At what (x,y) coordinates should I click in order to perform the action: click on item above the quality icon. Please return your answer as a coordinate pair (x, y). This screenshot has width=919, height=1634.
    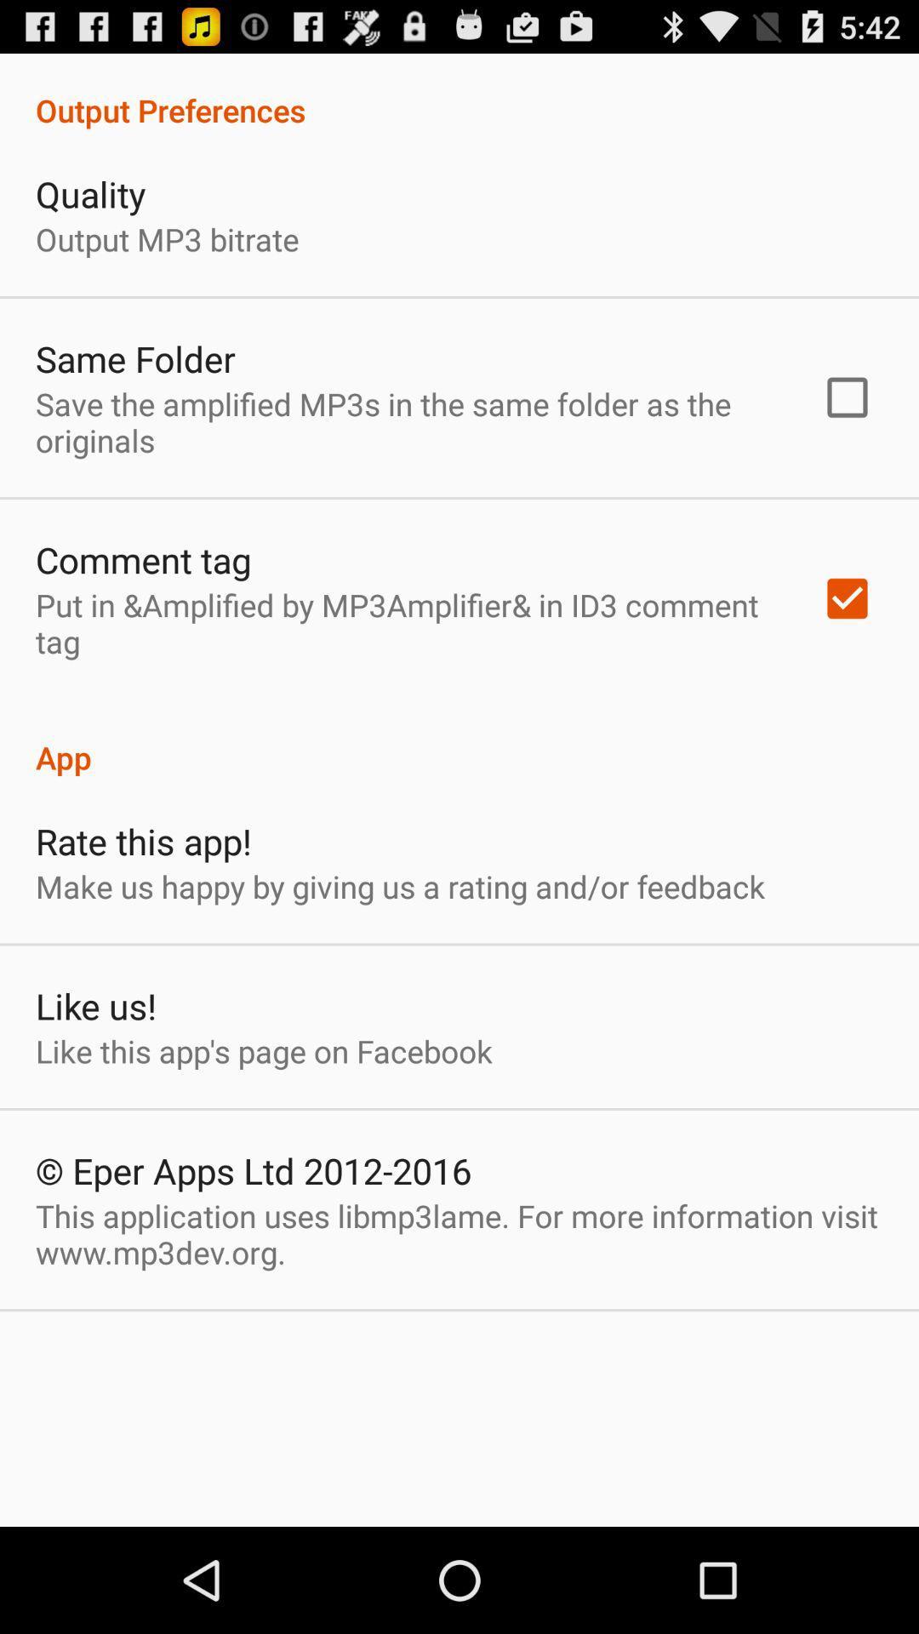
    Looking at the image, I should click on (459, 91).